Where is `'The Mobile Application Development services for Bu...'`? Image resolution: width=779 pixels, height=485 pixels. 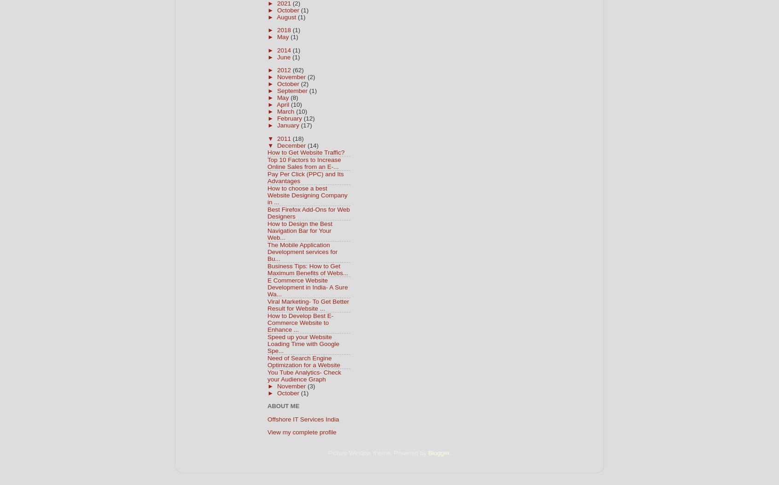
'The Mobile Application Development services for Bu...' is located at coordinates (302, 251).